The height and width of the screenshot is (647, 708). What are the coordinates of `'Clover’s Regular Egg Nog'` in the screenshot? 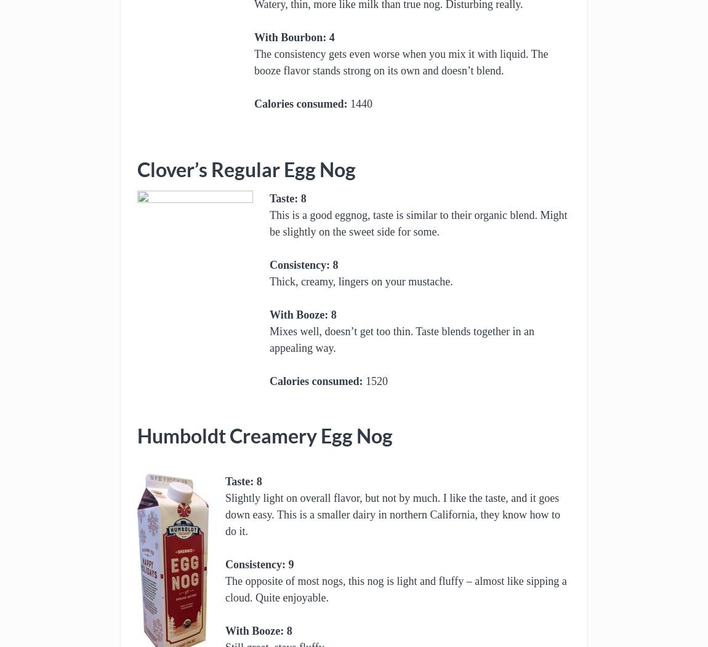 It's located at (136, 170).